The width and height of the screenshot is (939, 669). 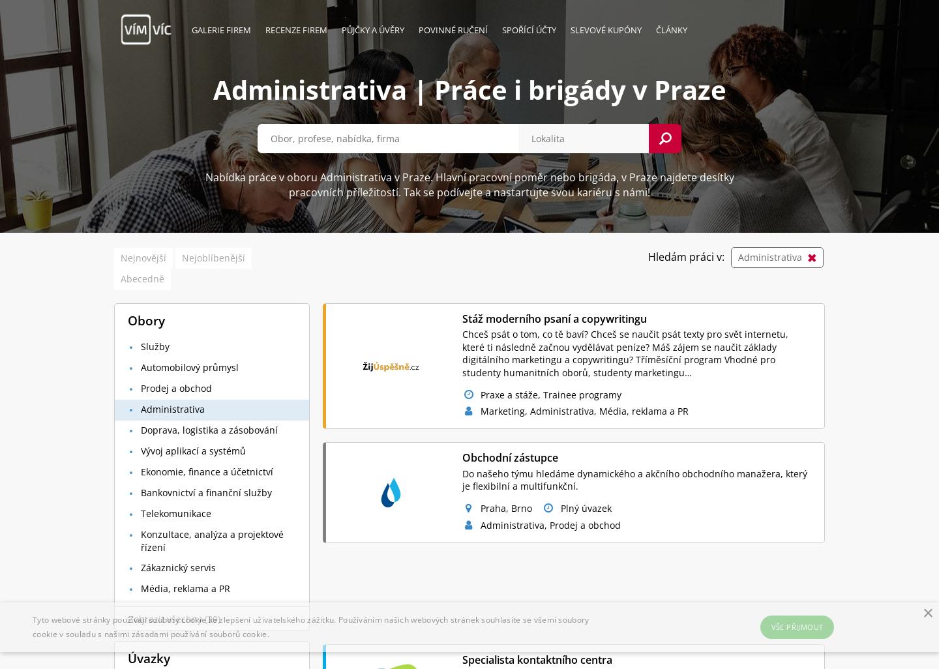 I want to click on 'Specialista kontaktního centra', so click(x=536, y=659).